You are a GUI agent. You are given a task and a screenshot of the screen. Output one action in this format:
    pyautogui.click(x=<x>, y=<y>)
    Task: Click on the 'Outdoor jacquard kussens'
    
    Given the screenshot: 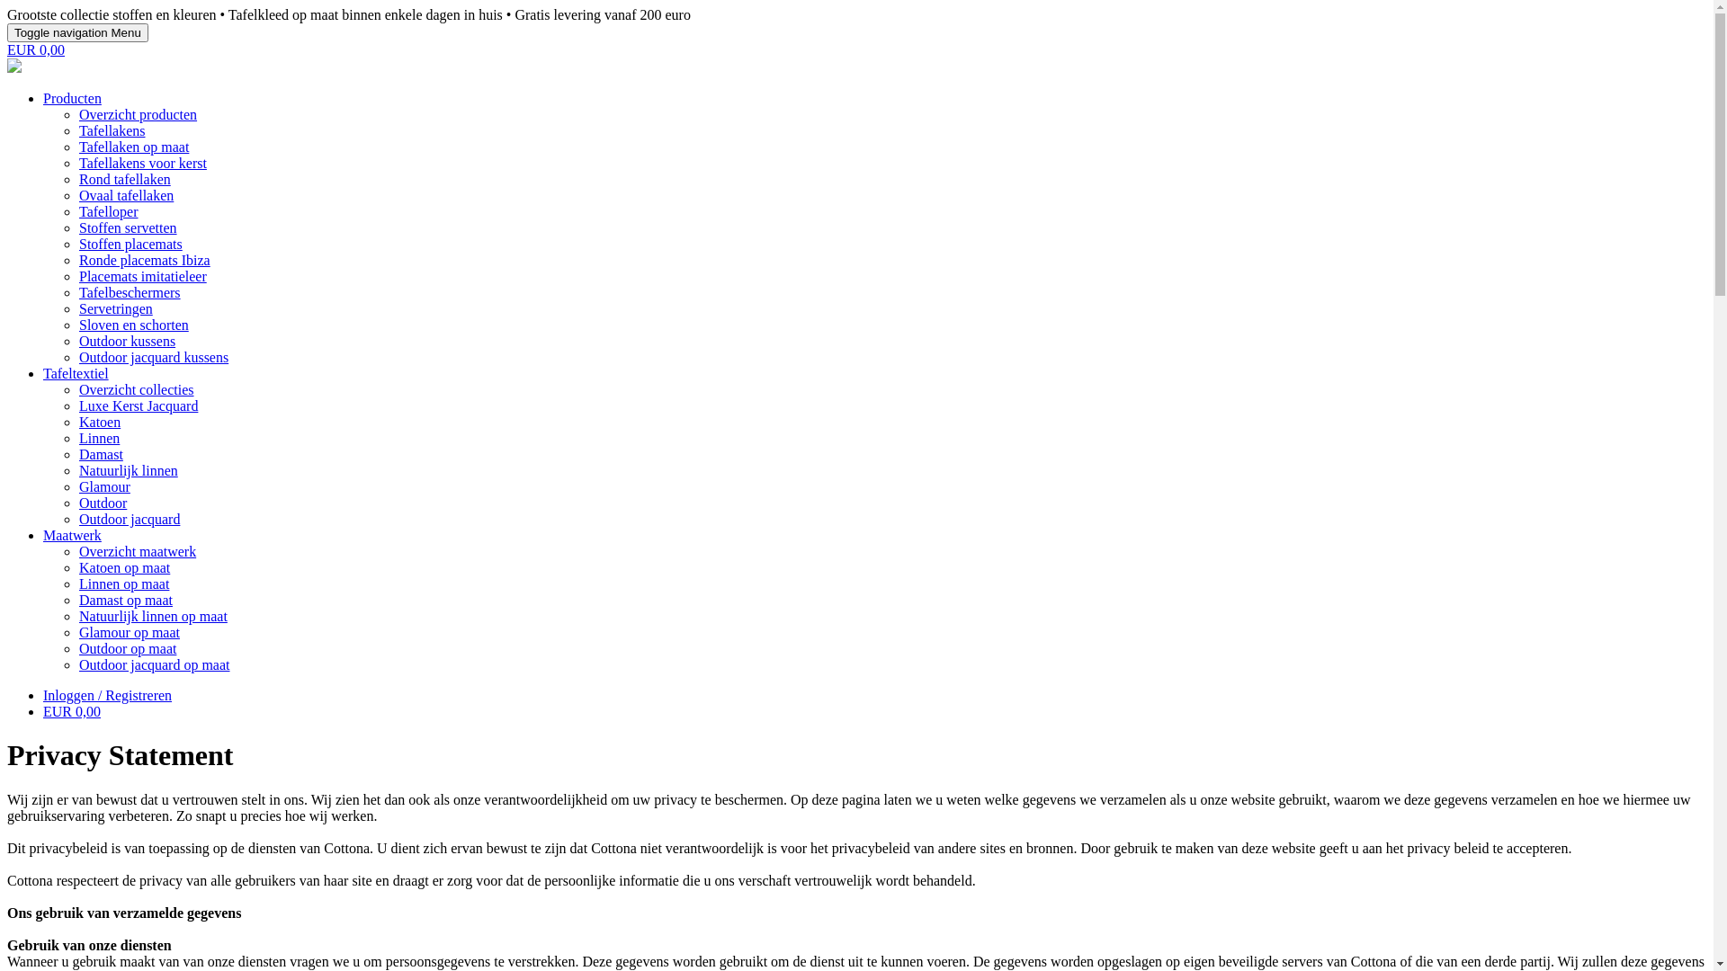 What is the action you would take?
    pyautogui.click(x=154, y=357)
    